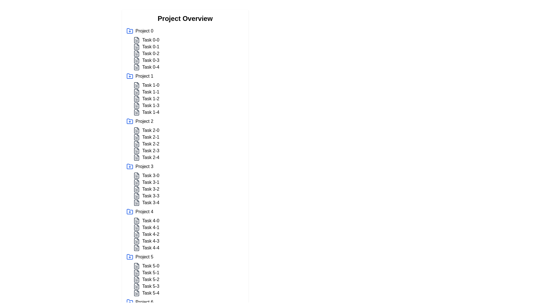  What do you see at coordinates (137, 202) in the screenshot?
I see `the small monochromatic file icon located to the left of the 'Task 3-4' label within the 'Project 3' section to interact with it` at bounding box center [137, 202].